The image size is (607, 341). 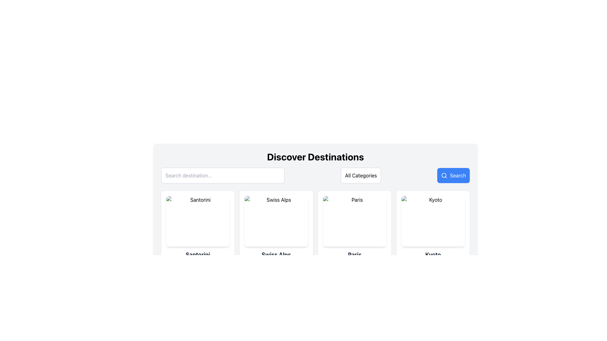 What do you see at coordinates (276, 264) in the screenshot?
I see `the Rating component located below the title 'Swiss Alps', positioned at the center of the card representing this destination` at bounding box center [276, 264].